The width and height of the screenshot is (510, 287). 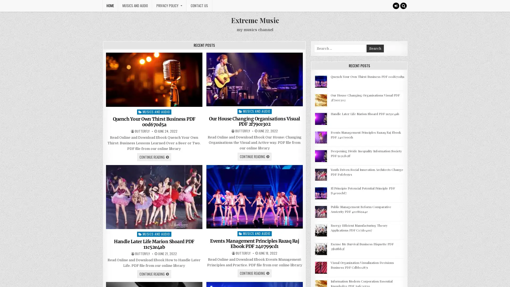 I want to click on Search, so click(x=375, y=48).